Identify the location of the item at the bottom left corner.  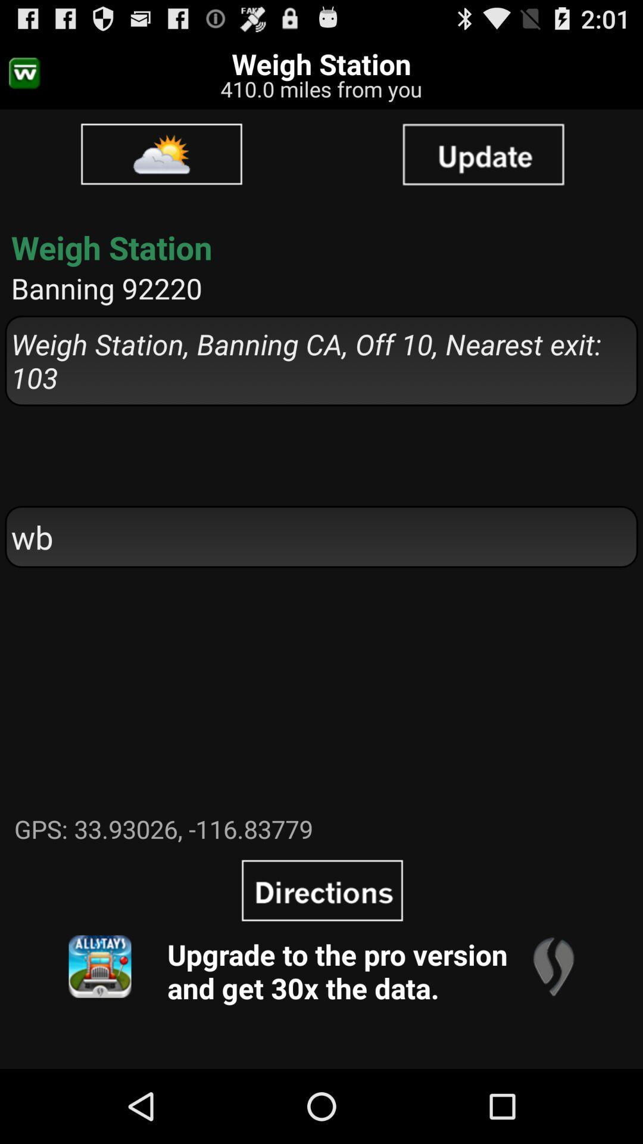
(99, 966).